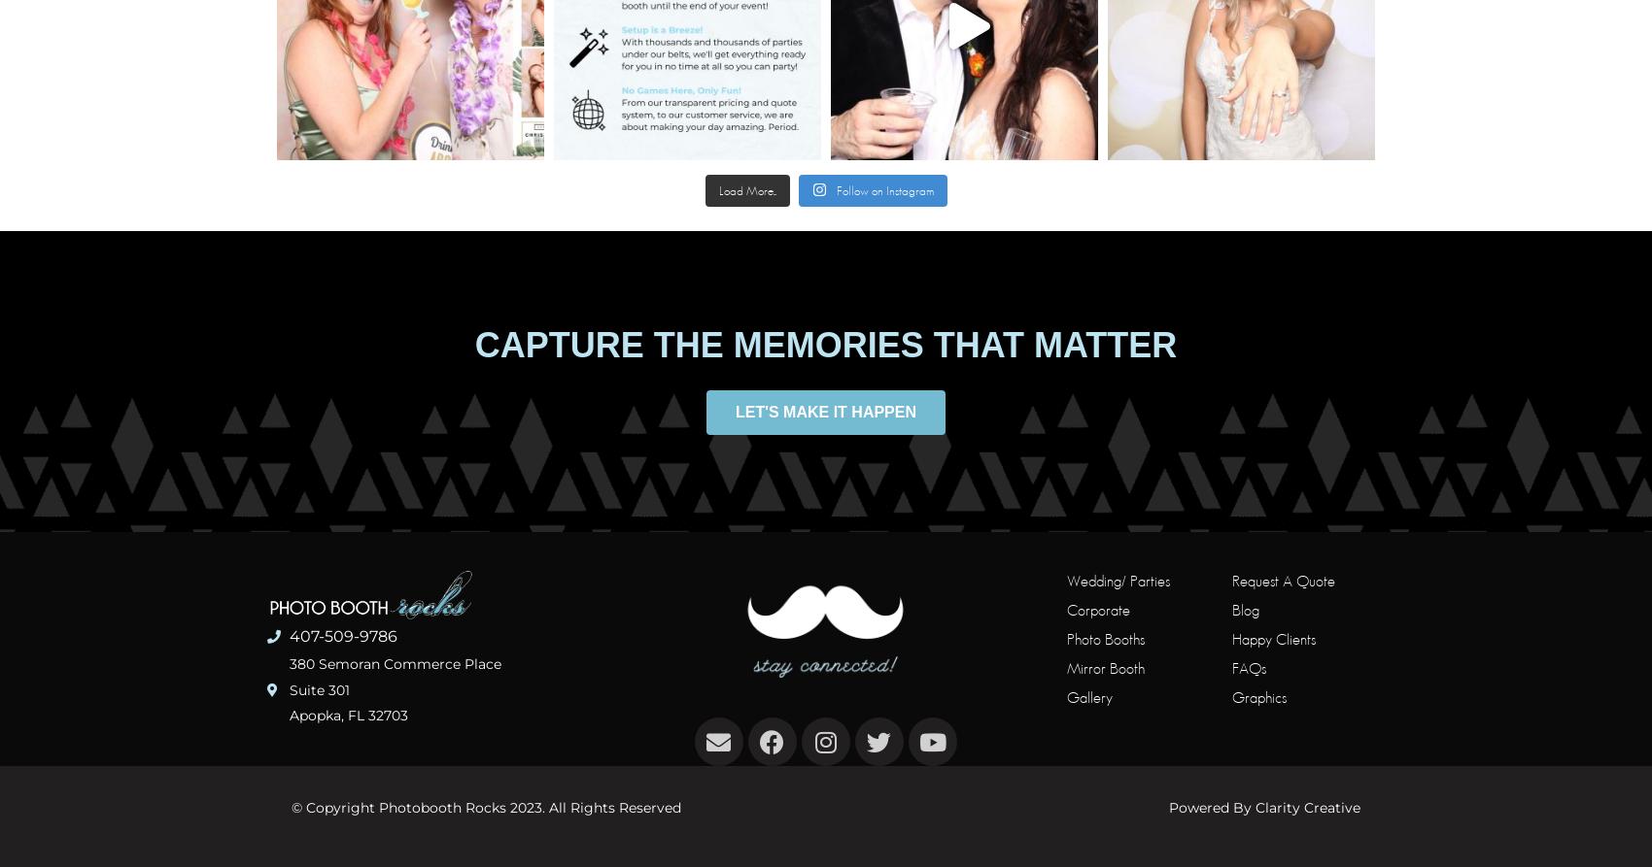 This screenshot has width=1652, height=867. Describe the element at coordinates (347, 715) in the screenshot. I see `'Apopka, FL 32703'` at that location.